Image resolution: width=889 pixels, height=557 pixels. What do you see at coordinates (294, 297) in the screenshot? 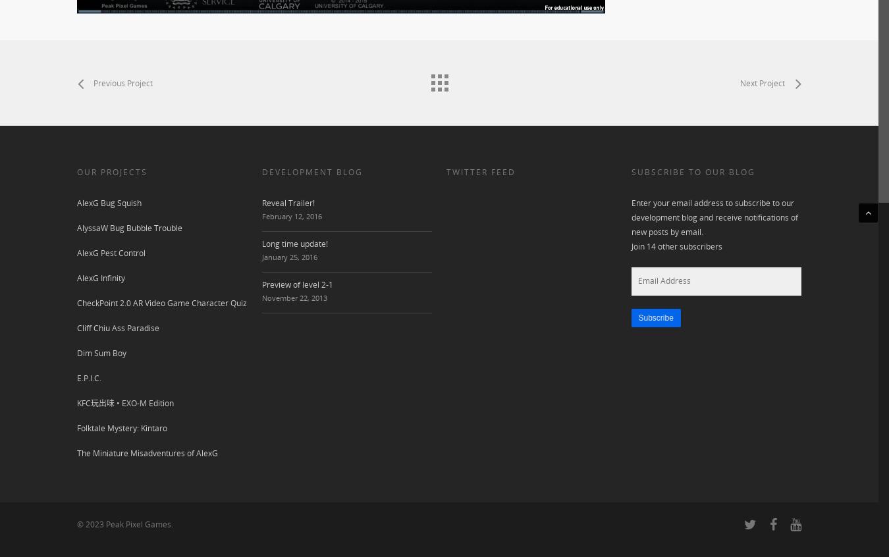
I see `'November 22, 2013'` at bounding box center [294, 297].